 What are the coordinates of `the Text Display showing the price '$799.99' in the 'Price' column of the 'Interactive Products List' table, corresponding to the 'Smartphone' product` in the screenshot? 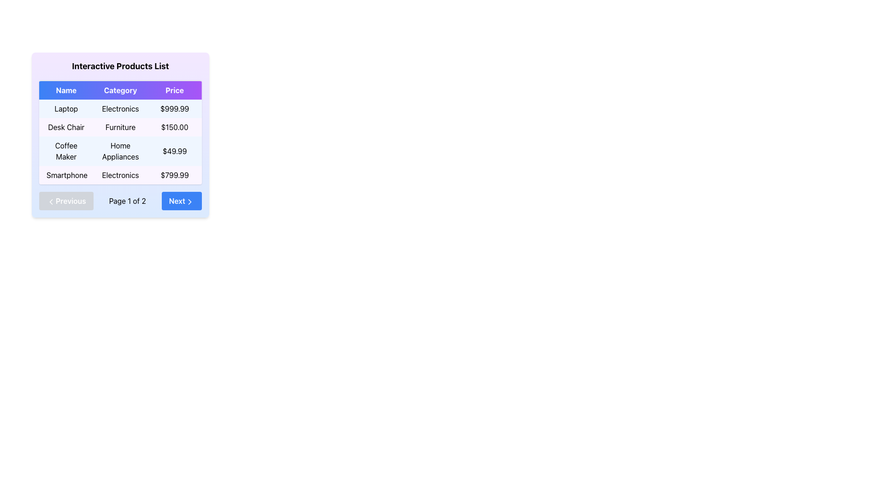 It's located at (175, 175).